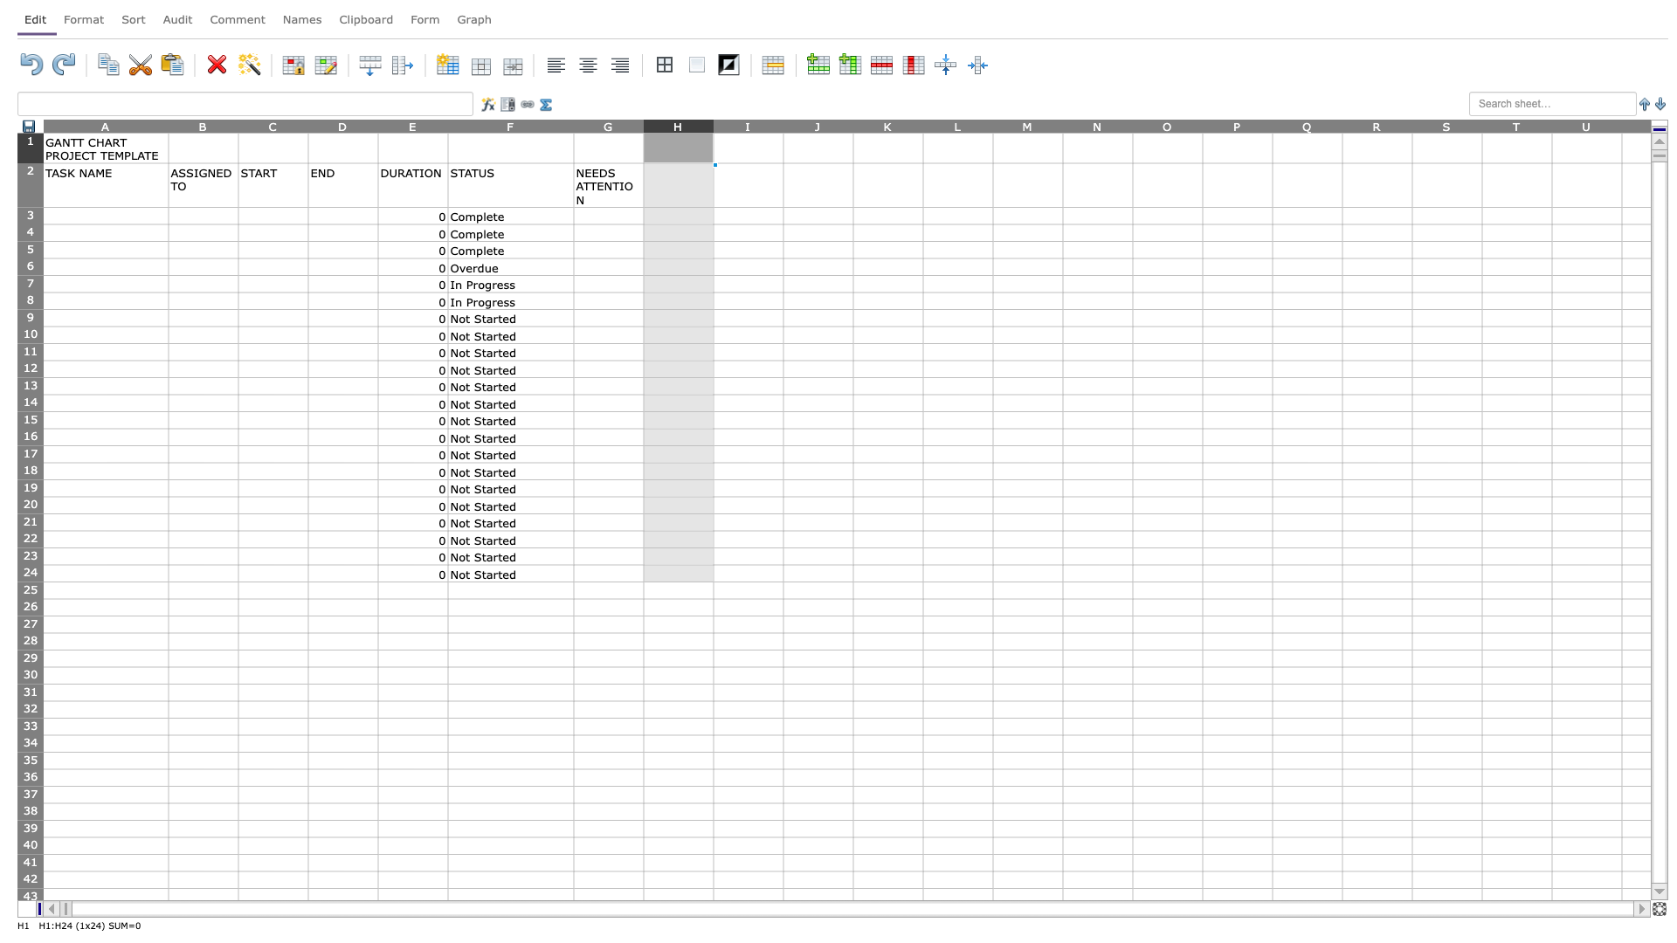  I want to click on column I's width resize handle, so click(783, 125).